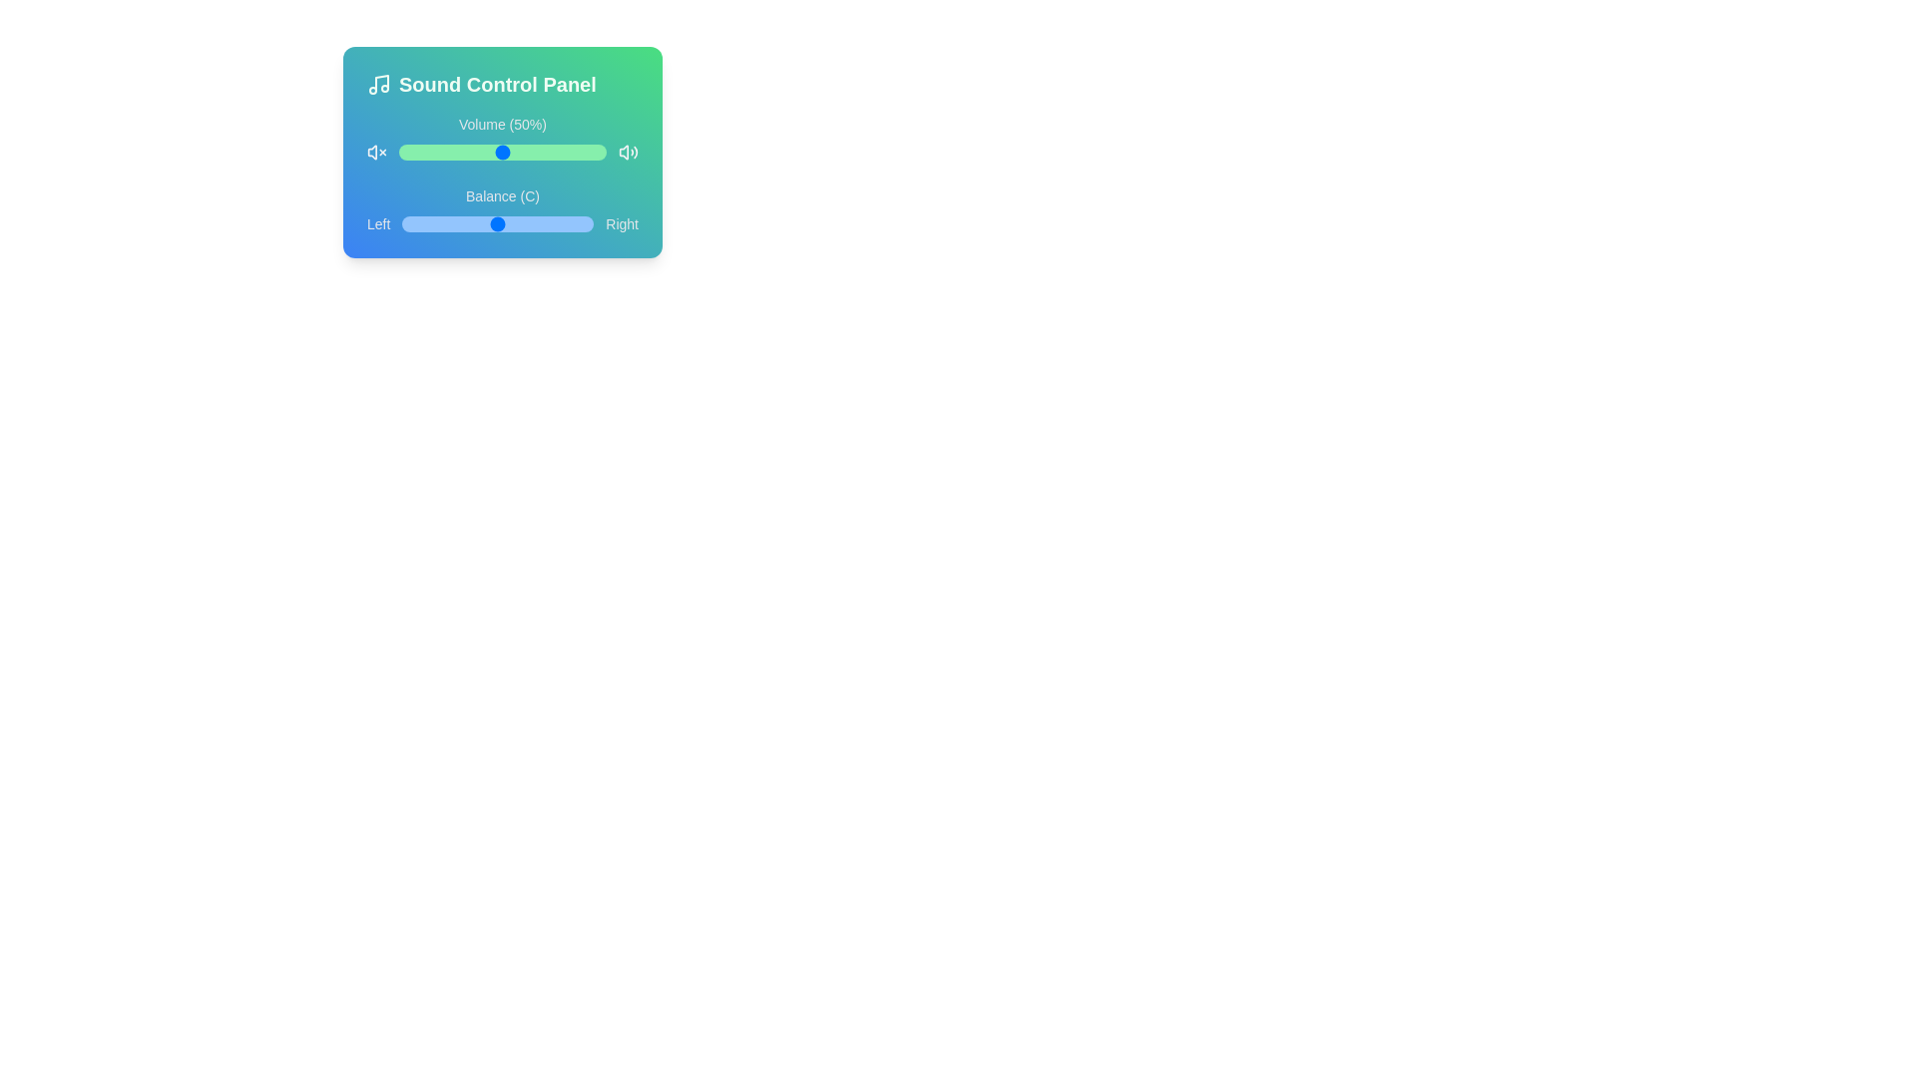 The image size is (1916, 1077). I want to click on balance, so click(550, 223).